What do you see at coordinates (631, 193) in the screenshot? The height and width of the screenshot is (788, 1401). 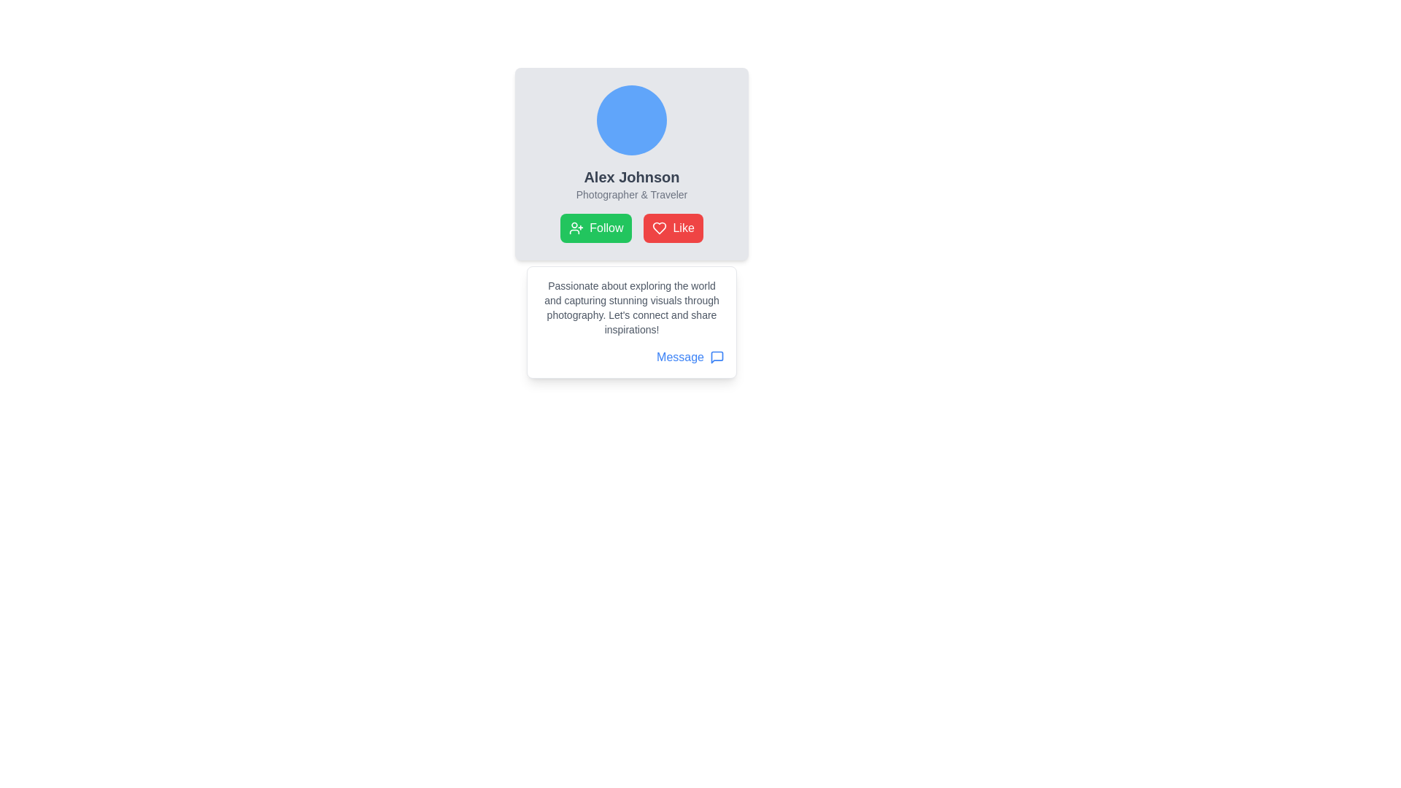 I see `the text label that provides additional context about the profile represented in the card, located below 'Alex Johnson' and above the 'Follow' and 'Like' buttons` at bounding box center [631, 193].